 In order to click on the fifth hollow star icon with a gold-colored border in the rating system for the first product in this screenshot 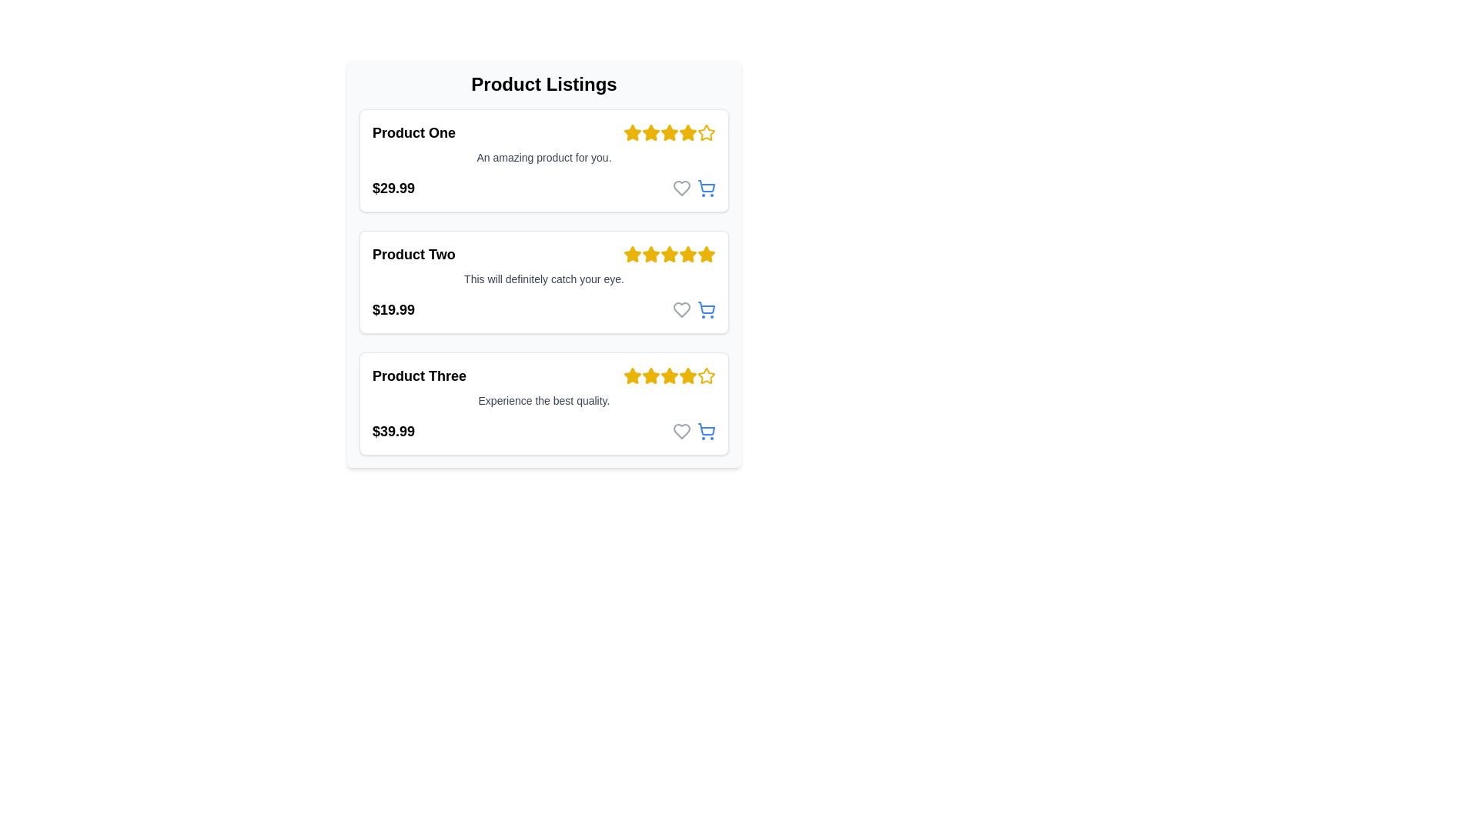, I will do `click(705, 132)`.